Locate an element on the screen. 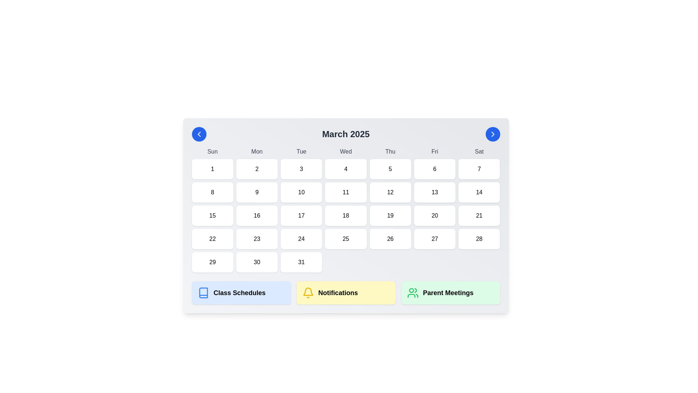  the calendar date cell representing the 8th day of the month, located in the second row and first column under the 'Sun' header is located at coordinates (212, 192).